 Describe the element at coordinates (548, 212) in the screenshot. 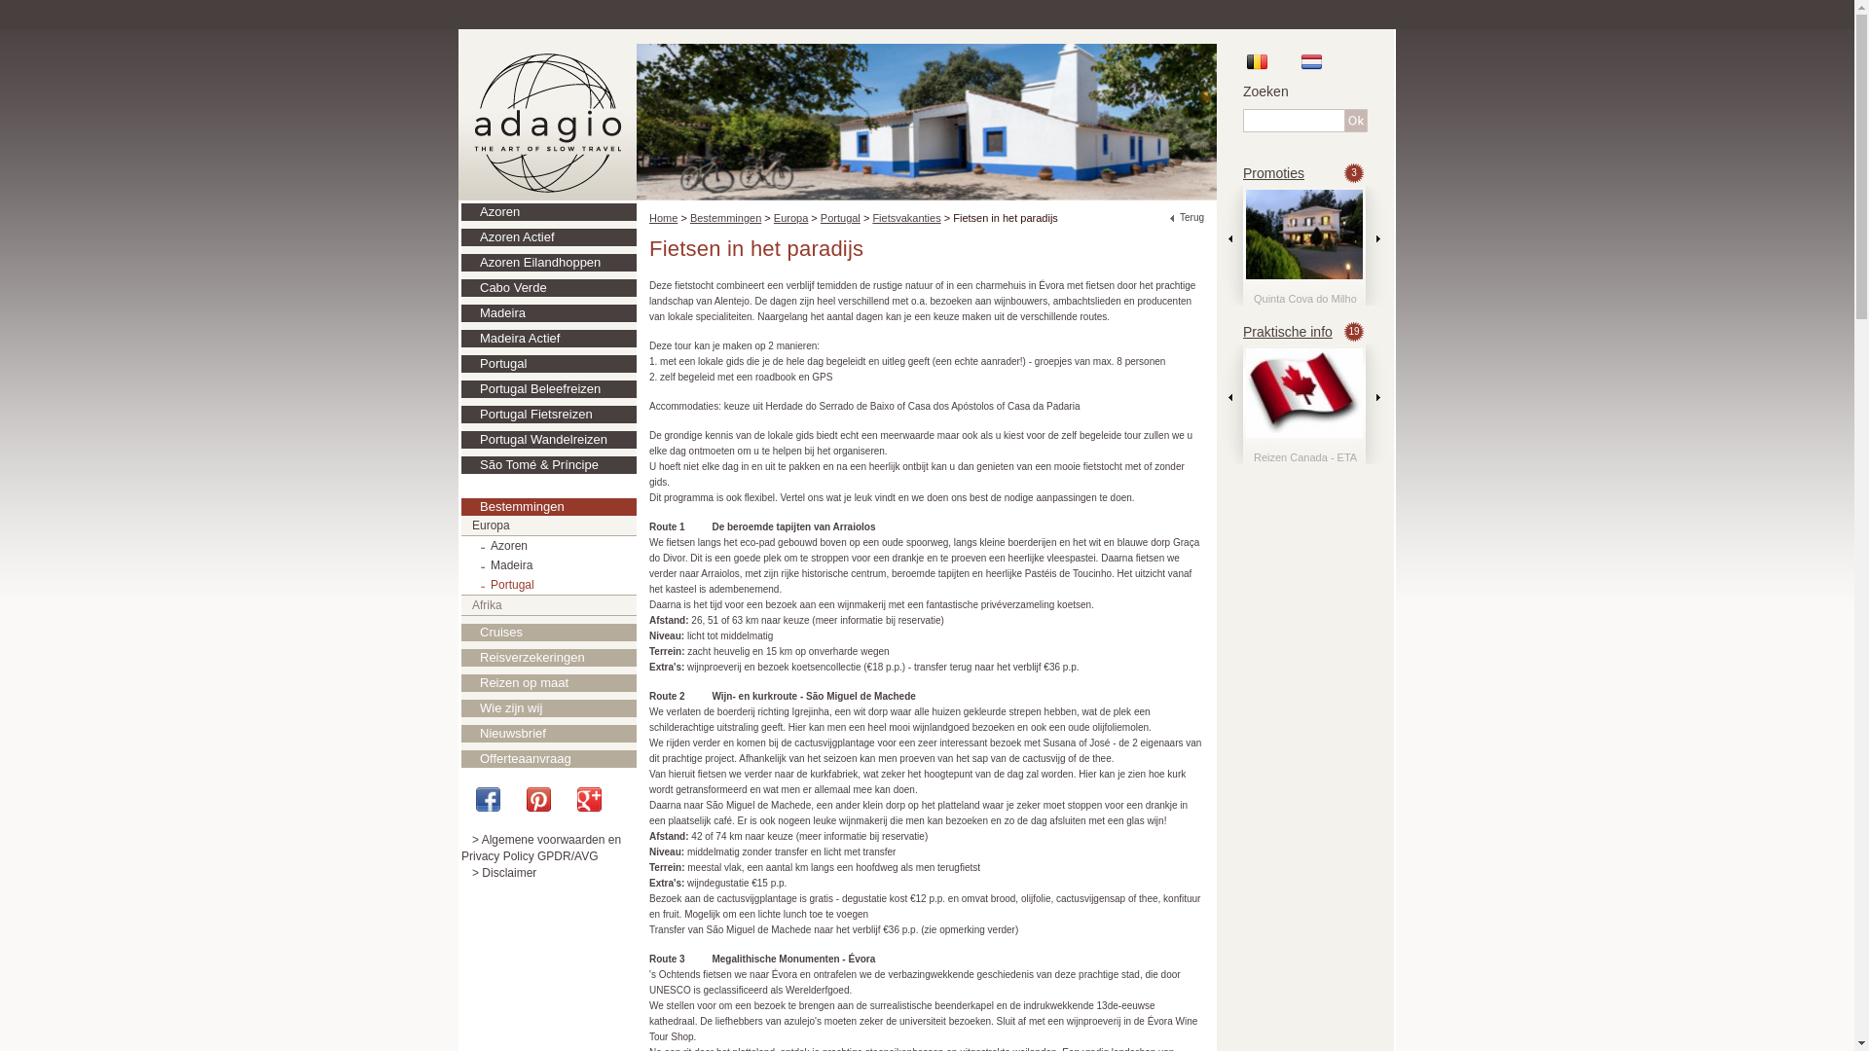

I see `'Azoren'` at that location.